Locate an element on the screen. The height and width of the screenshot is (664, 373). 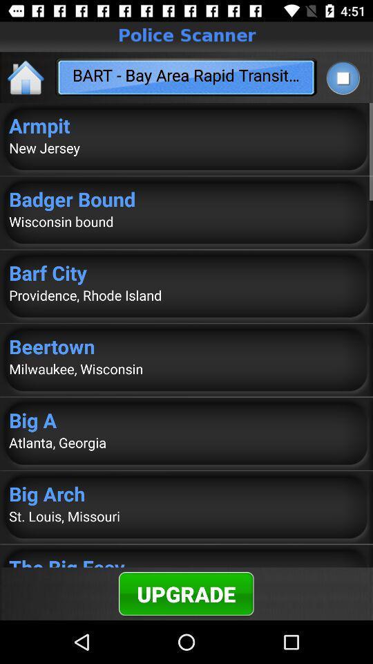
the app to the left of the bart bay area item is located at coordinates (26, 77).